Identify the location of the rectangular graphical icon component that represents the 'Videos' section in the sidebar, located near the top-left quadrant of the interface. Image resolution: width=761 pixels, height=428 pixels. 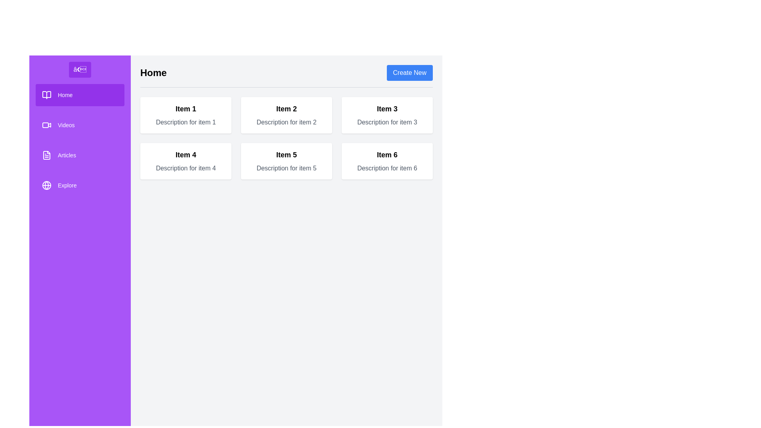
(45, 125).